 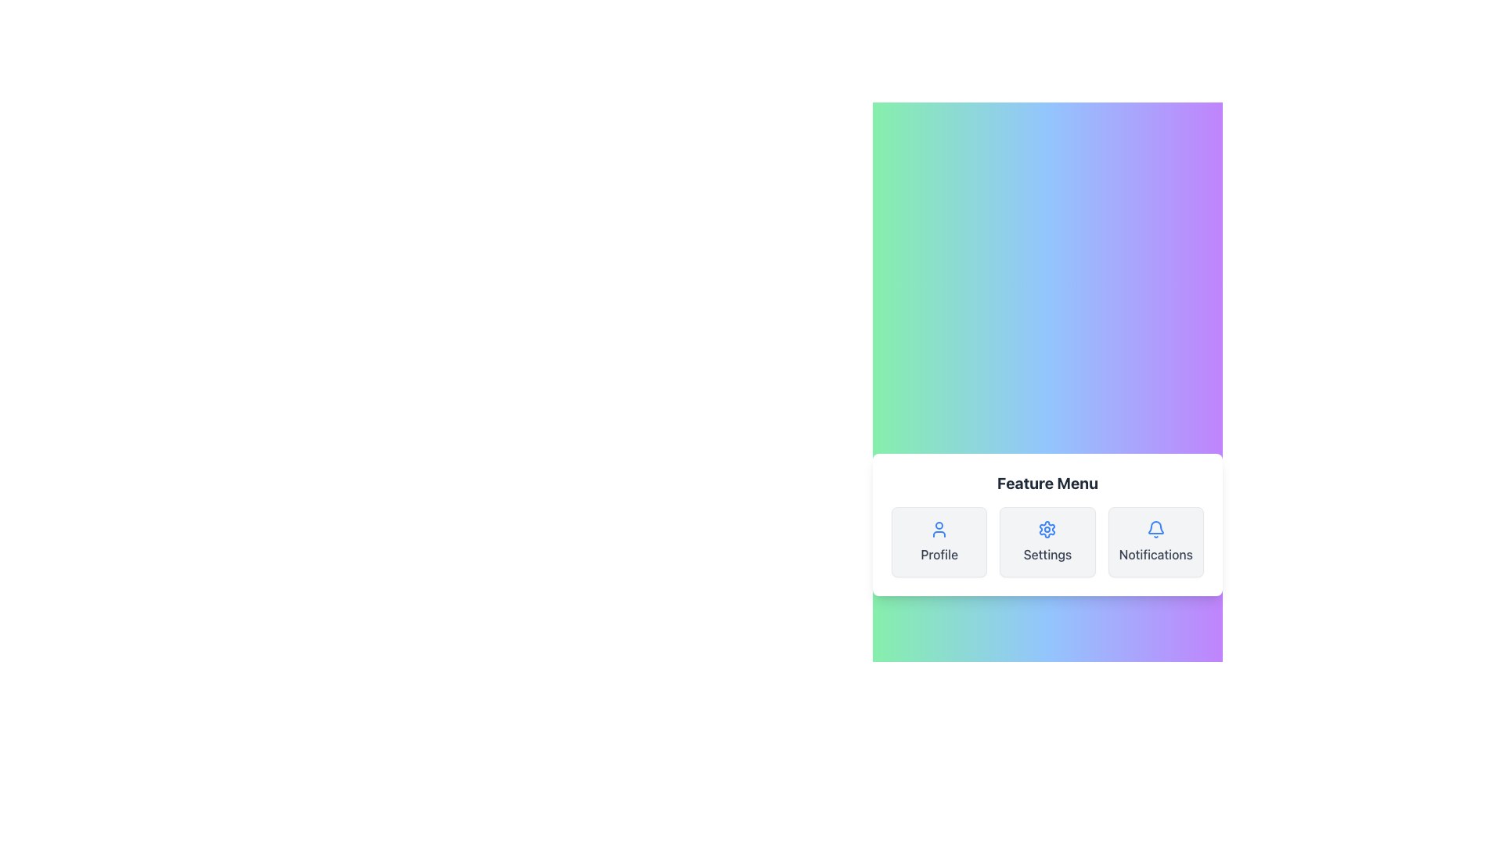 I want to click on the 'Notifications' text label, which is positioned under the bell icon in the third card of the horizontal menu bar on the right side of the interface, so click(x=1155, y=554).